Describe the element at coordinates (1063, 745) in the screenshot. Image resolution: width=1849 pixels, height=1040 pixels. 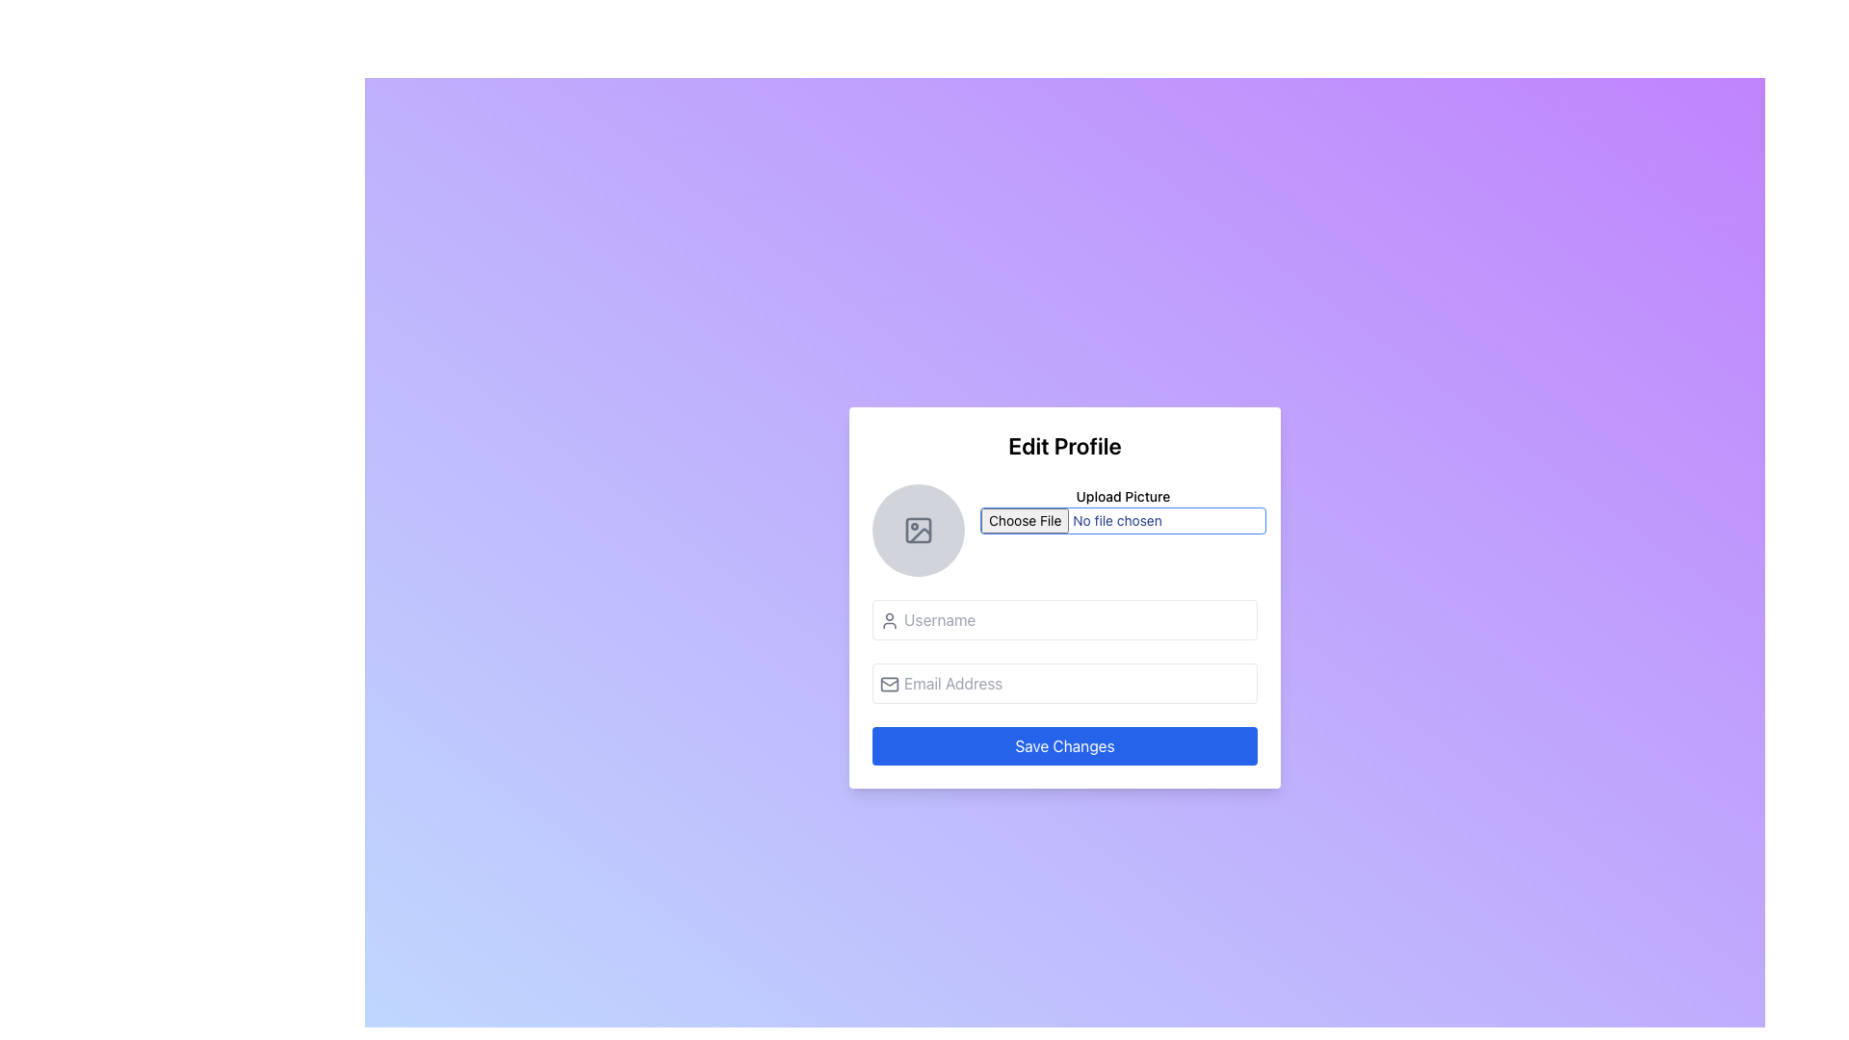
I see `the 'Save' button located at the bottom of the 'Edit Profile' form to change its background color` at that location.